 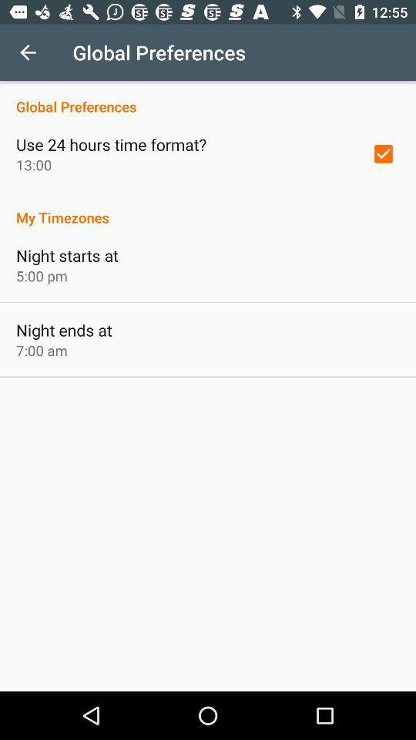 What do you see at coordinates (110, 144) in the screenshot?
I see `item below the global preferences` at bounding box center [110, 144].